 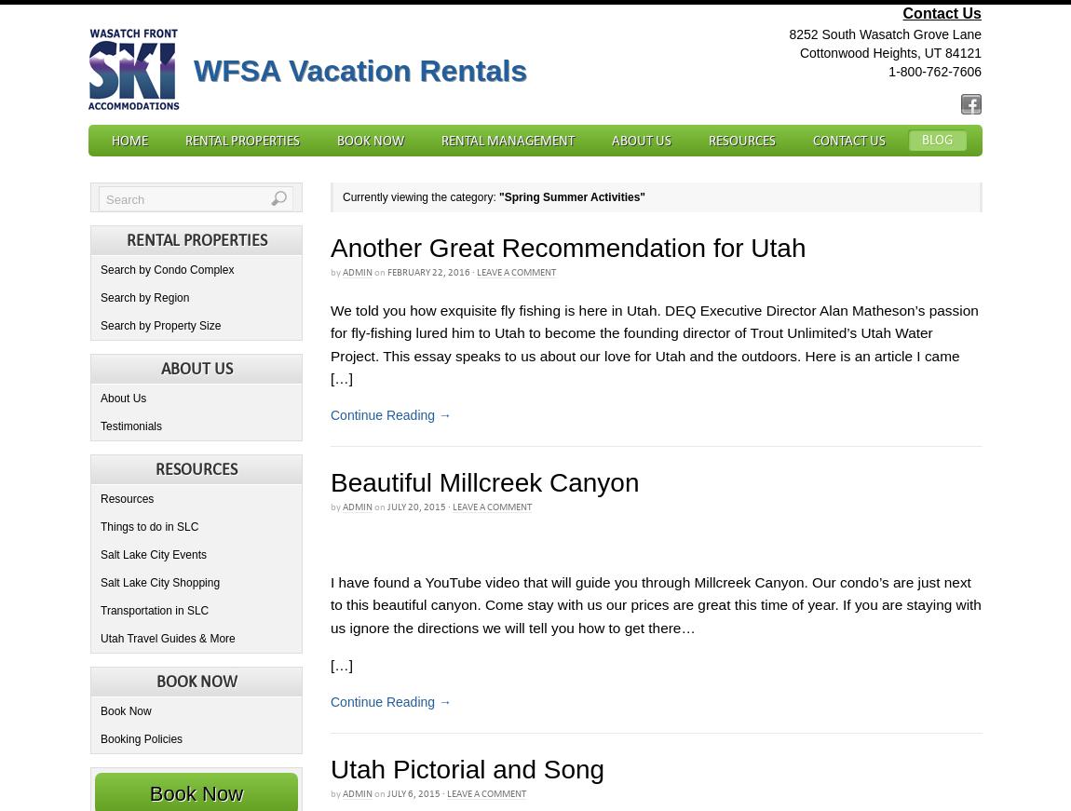 I want to click on 'July 6, 2015', so click(x=413, y=792).